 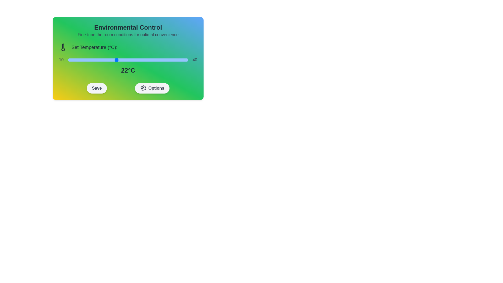 I want to click on the label element that describes the temperature adjustment slider, located above the slider control with small text values '10' and '40', so click(x=128, y=47).